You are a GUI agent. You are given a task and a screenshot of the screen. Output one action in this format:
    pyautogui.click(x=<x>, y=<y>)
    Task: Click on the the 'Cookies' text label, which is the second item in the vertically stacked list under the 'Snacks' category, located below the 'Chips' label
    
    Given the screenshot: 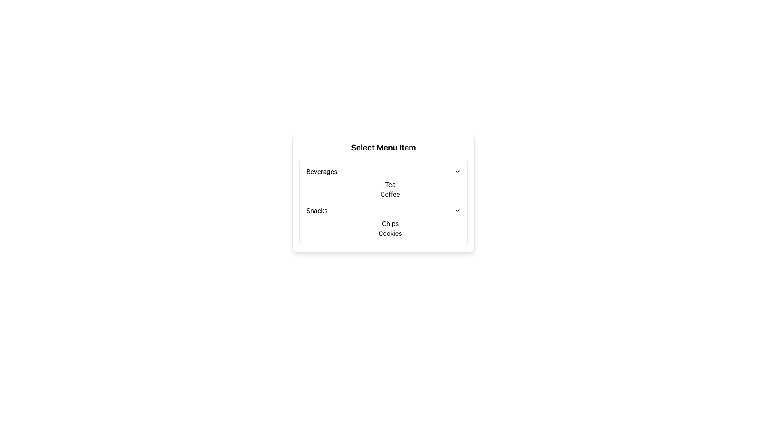 What is the action you would take?
    pyautogui.click(x=390, y=233)
    